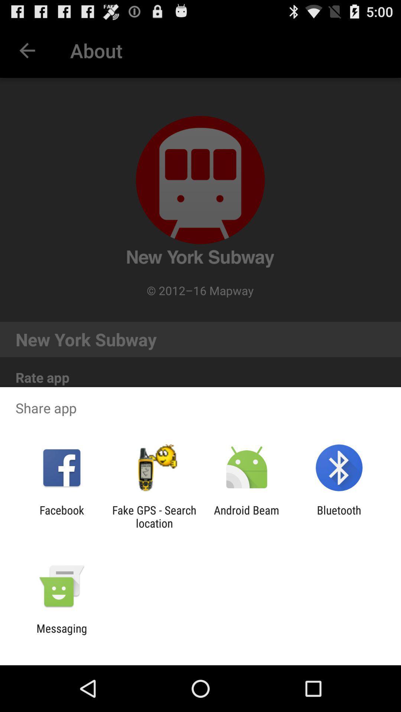  I want to click on the messaging app, so click(61, 634).